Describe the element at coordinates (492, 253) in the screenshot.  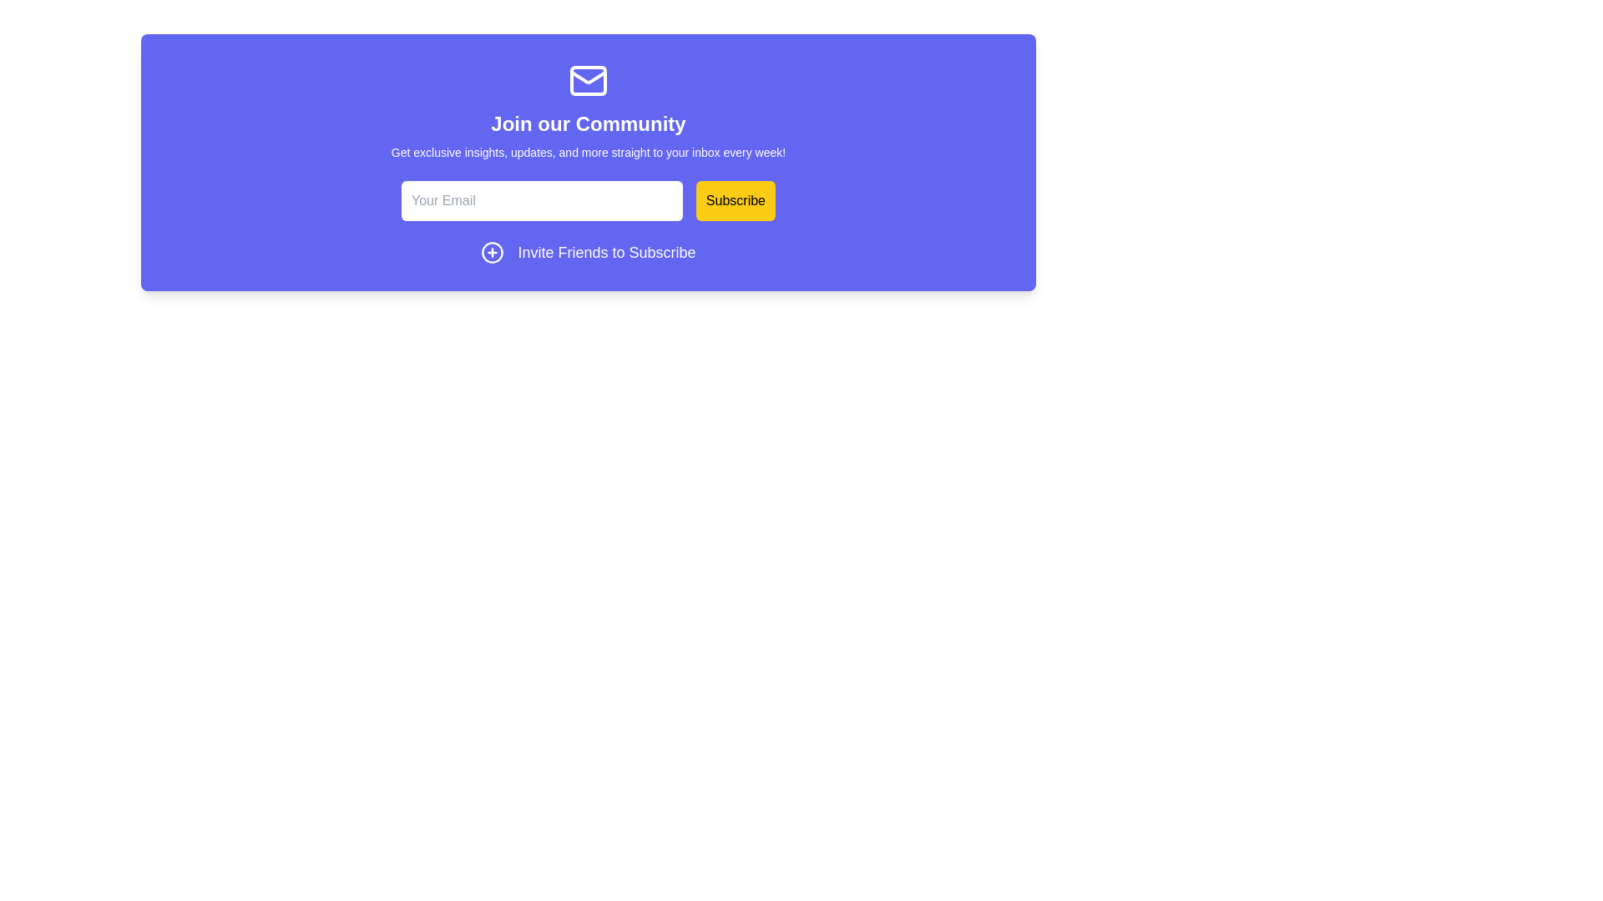
I see `the invitation button located to the left of the text 'Invite Friends to Subscribe' to initiate the invitation process` at that location.